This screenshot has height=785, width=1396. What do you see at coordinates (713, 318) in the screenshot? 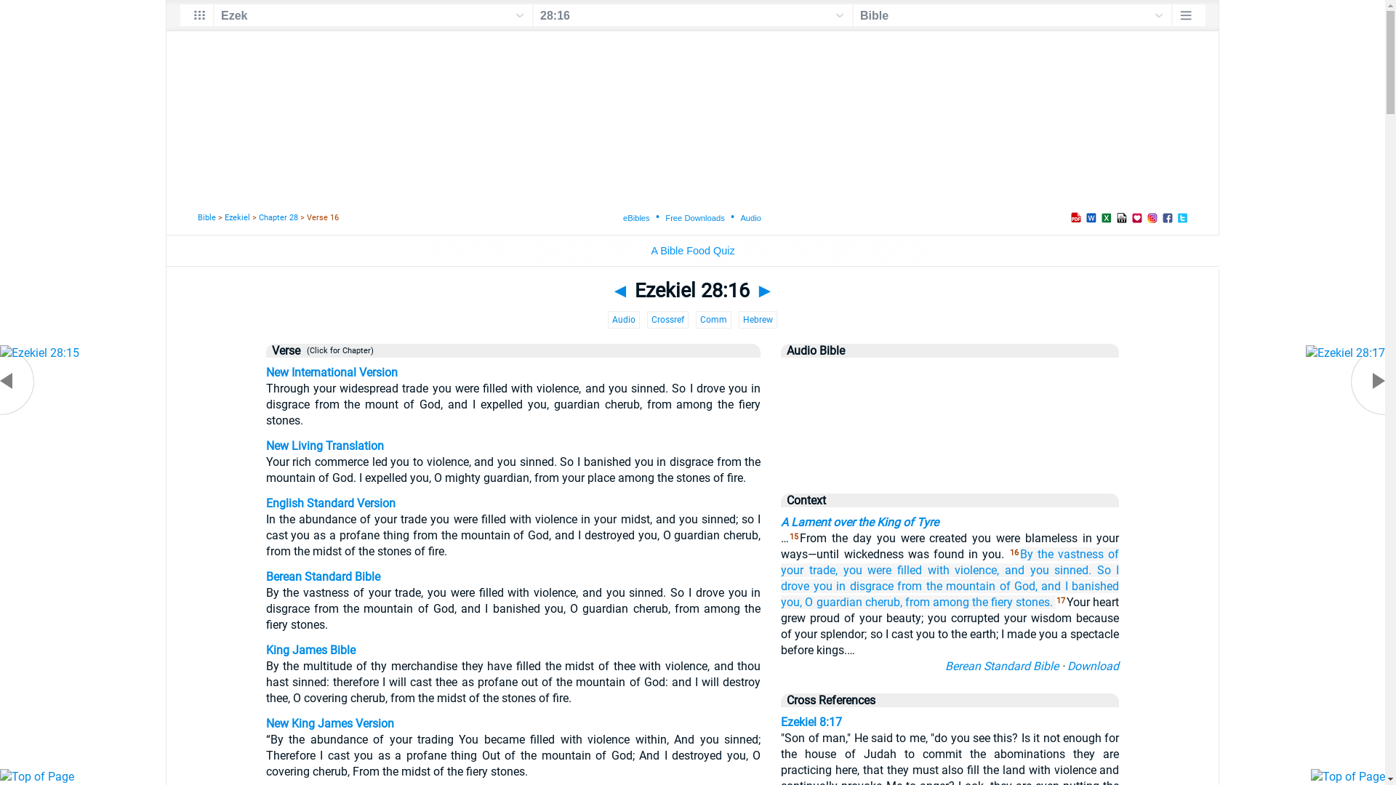
I see `' Comm '` at bounding box center [713, 318].